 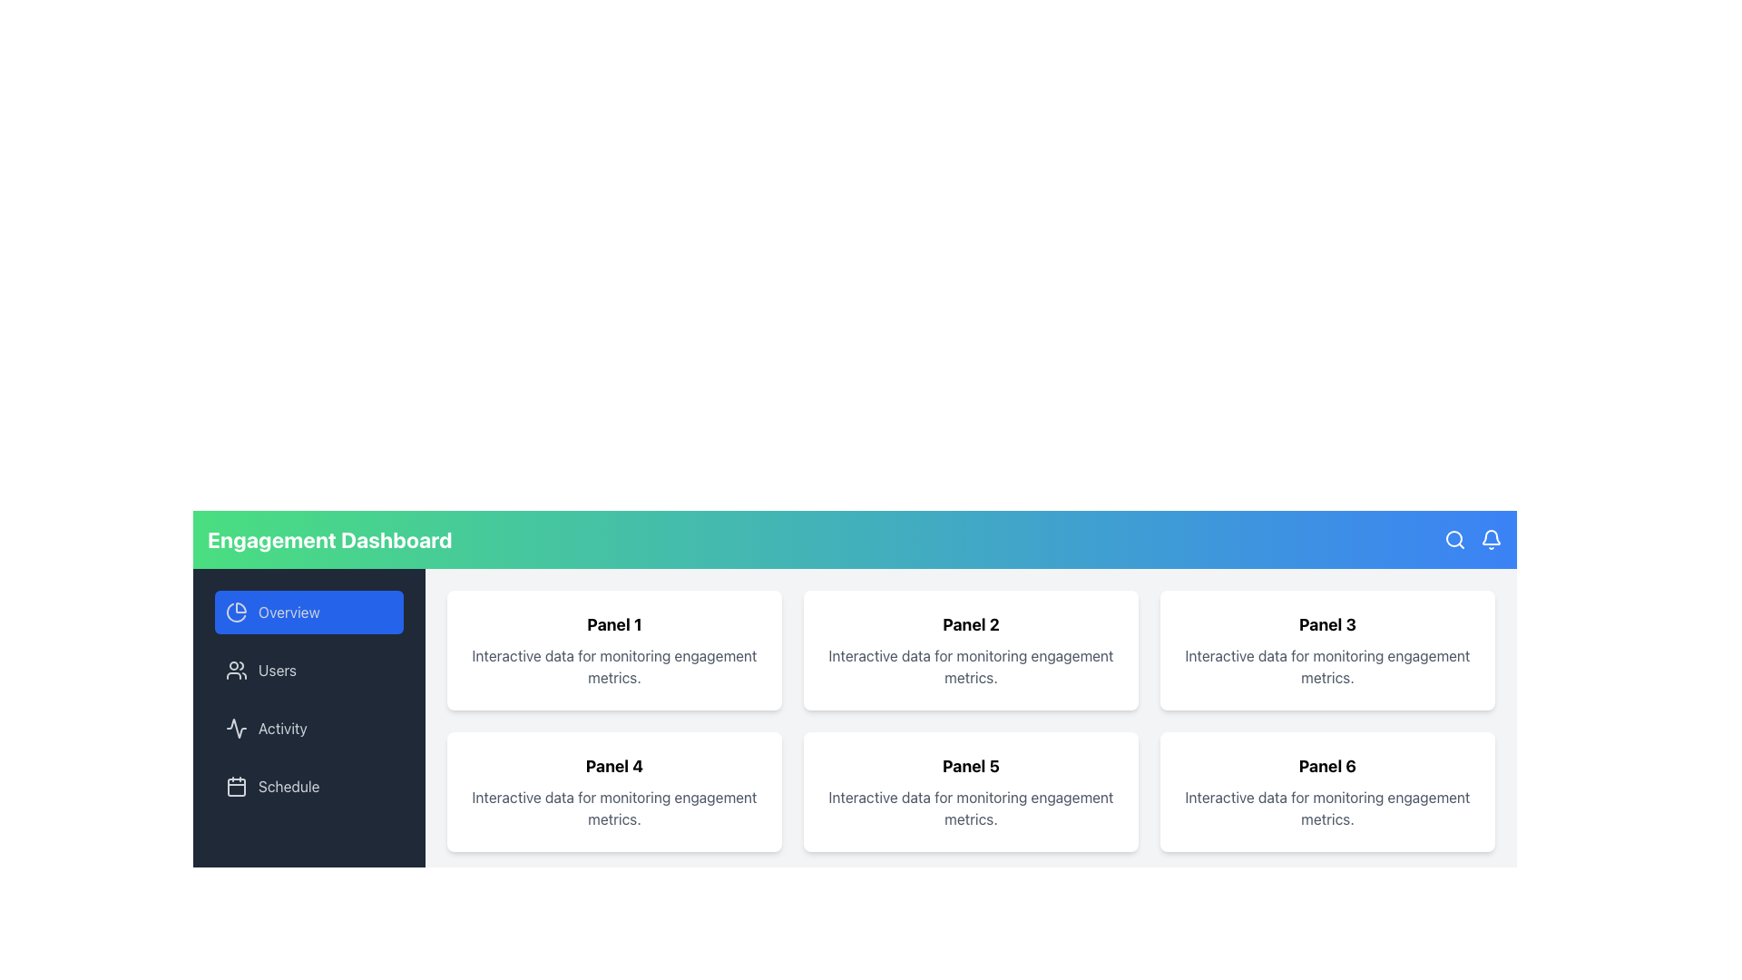 I want to click on the bold text display labeled 'Panel 3', which is prominently featured at the top of the first card in the second row of the dashboard, so click(x=1327, y=624).